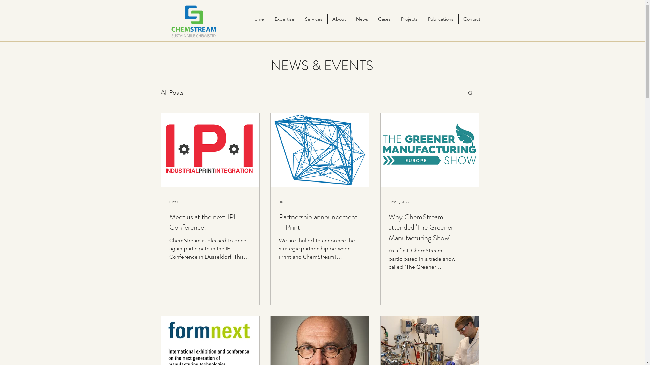 The height and width of the screenshot is (365, 650). Describe the element at coordinates (339, 19) in the screenshot. I see `'About'` at that location.